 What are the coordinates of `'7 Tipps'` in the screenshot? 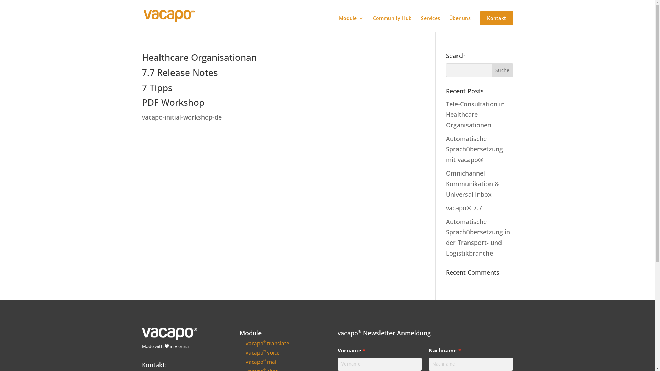 It's located at (156, 87).